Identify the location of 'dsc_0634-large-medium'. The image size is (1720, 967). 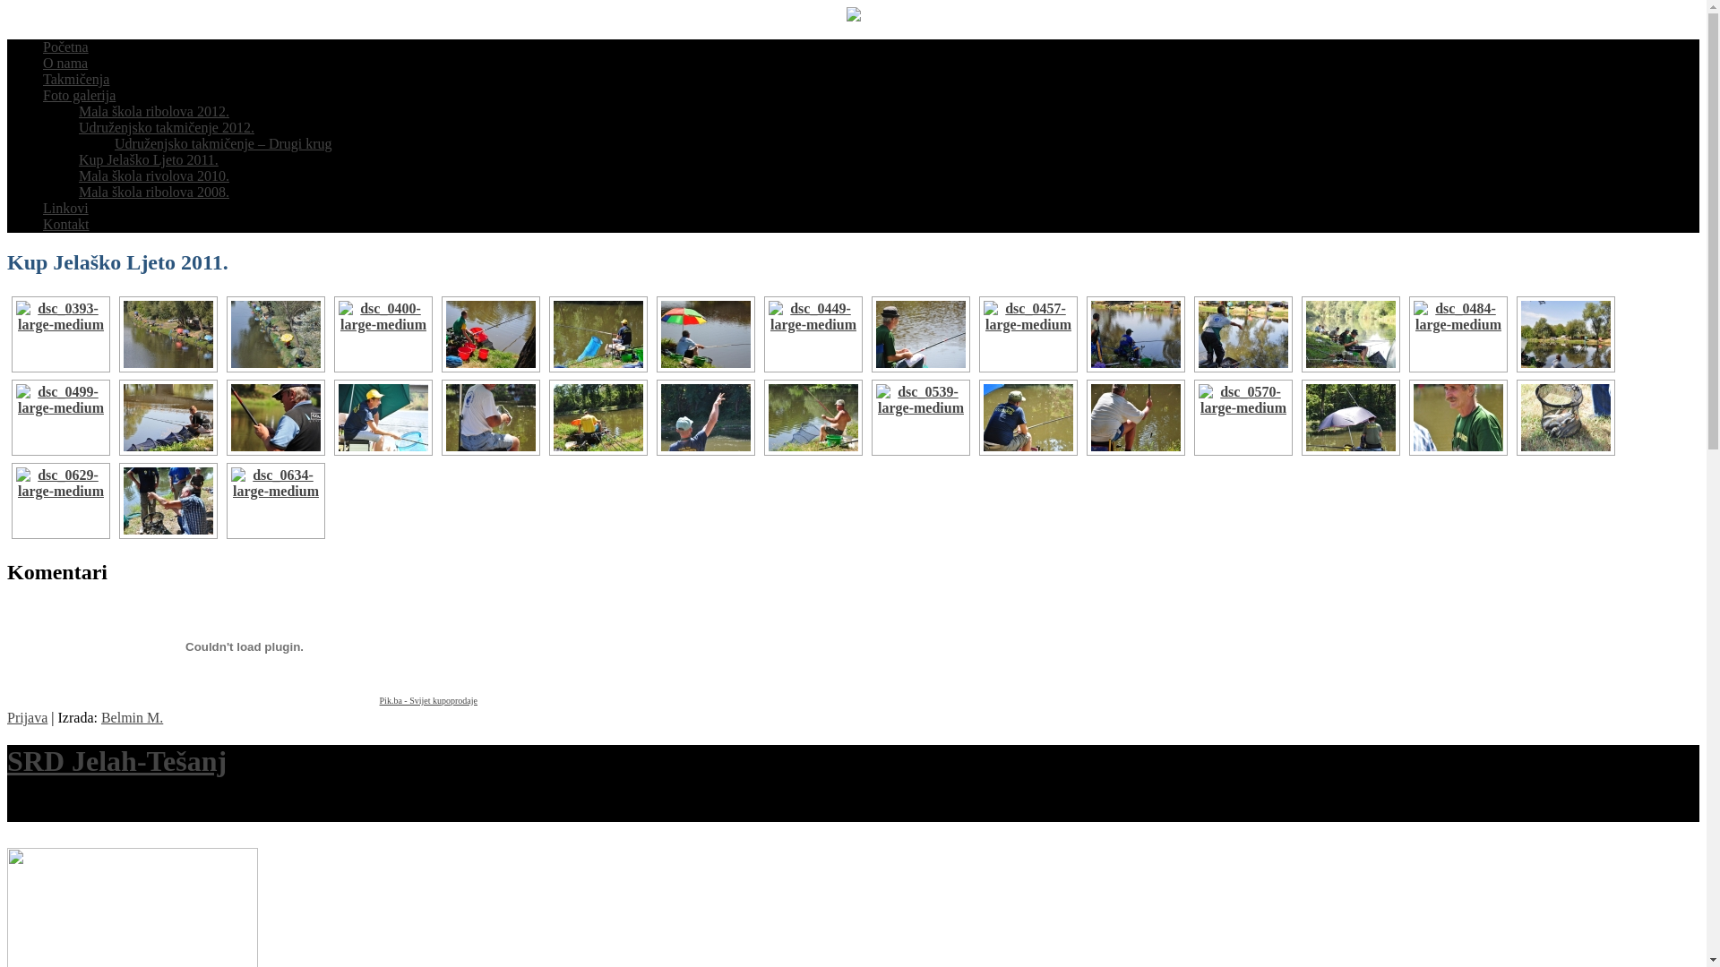
(274, 501).